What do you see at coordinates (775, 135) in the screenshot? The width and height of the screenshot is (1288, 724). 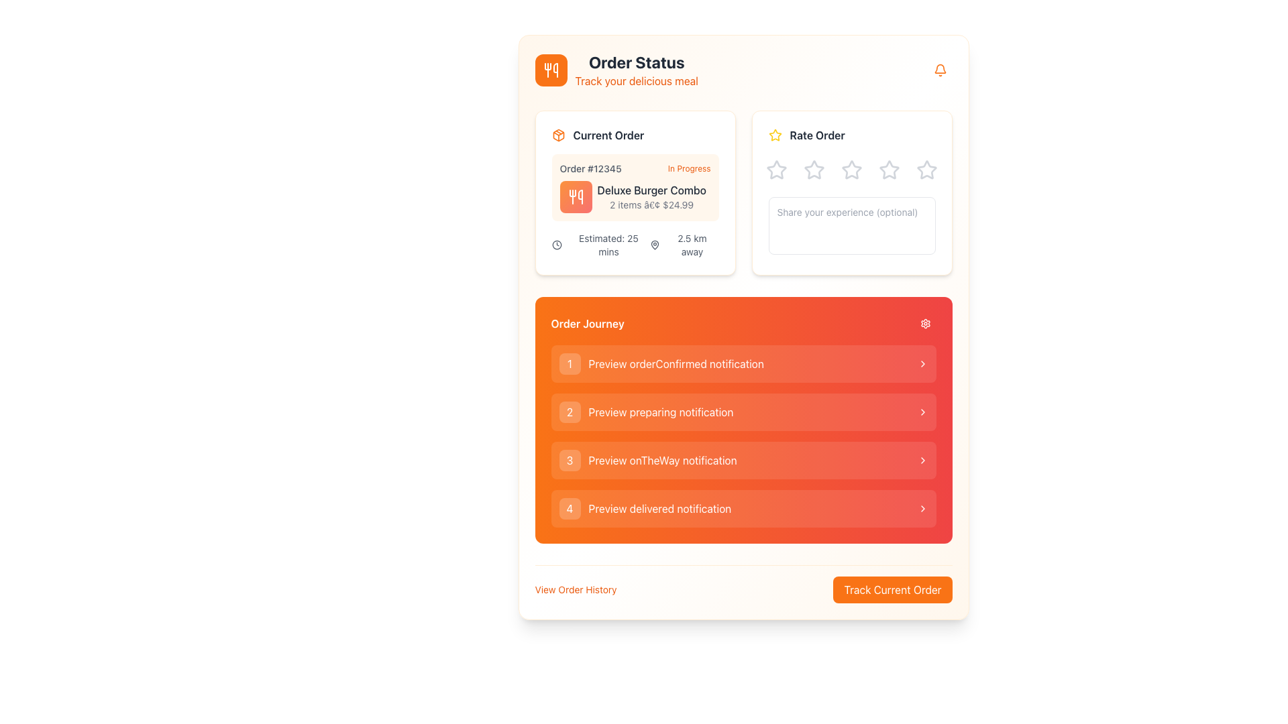 I see `the first yellow star-shaped rating icon in the 'Rate Order' section located in the upper-right pane of the interface` at bounding box center [775, 135].